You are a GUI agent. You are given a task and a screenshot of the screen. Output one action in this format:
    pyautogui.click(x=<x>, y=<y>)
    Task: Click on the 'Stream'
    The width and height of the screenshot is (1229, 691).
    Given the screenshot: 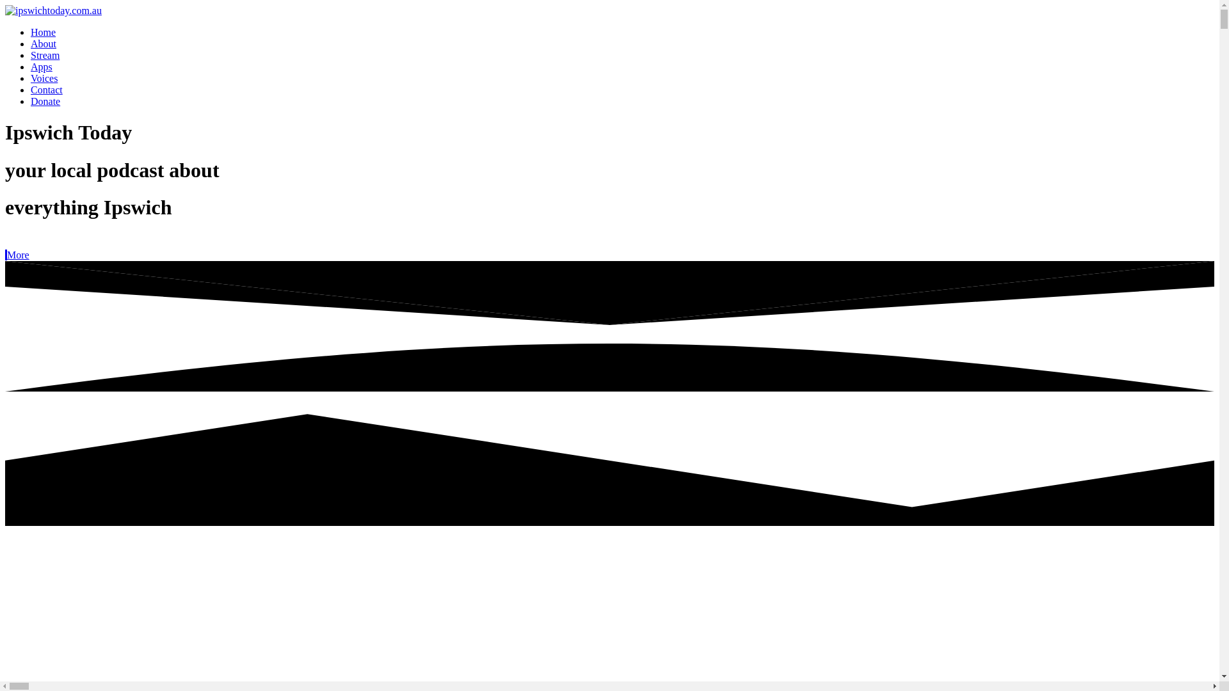 What is the action you would take?
    pyautogui.click(x=45, y=54)
    